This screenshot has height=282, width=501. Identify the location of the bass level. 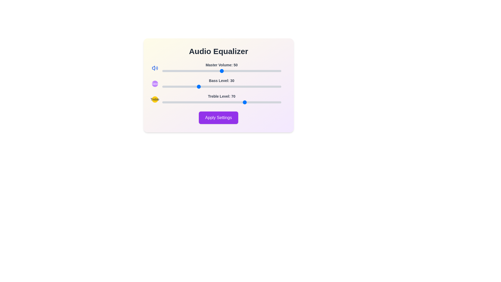
(218, 86).